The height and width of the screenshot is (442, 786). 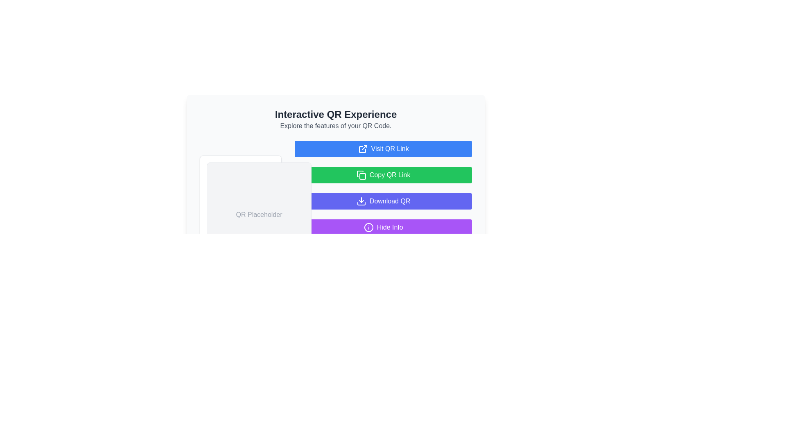 What do you see at coordinates (336, 214) in the screenshot?
I see `the toggle button located below the 'Download QR' button` at bounding box center [336, 214].